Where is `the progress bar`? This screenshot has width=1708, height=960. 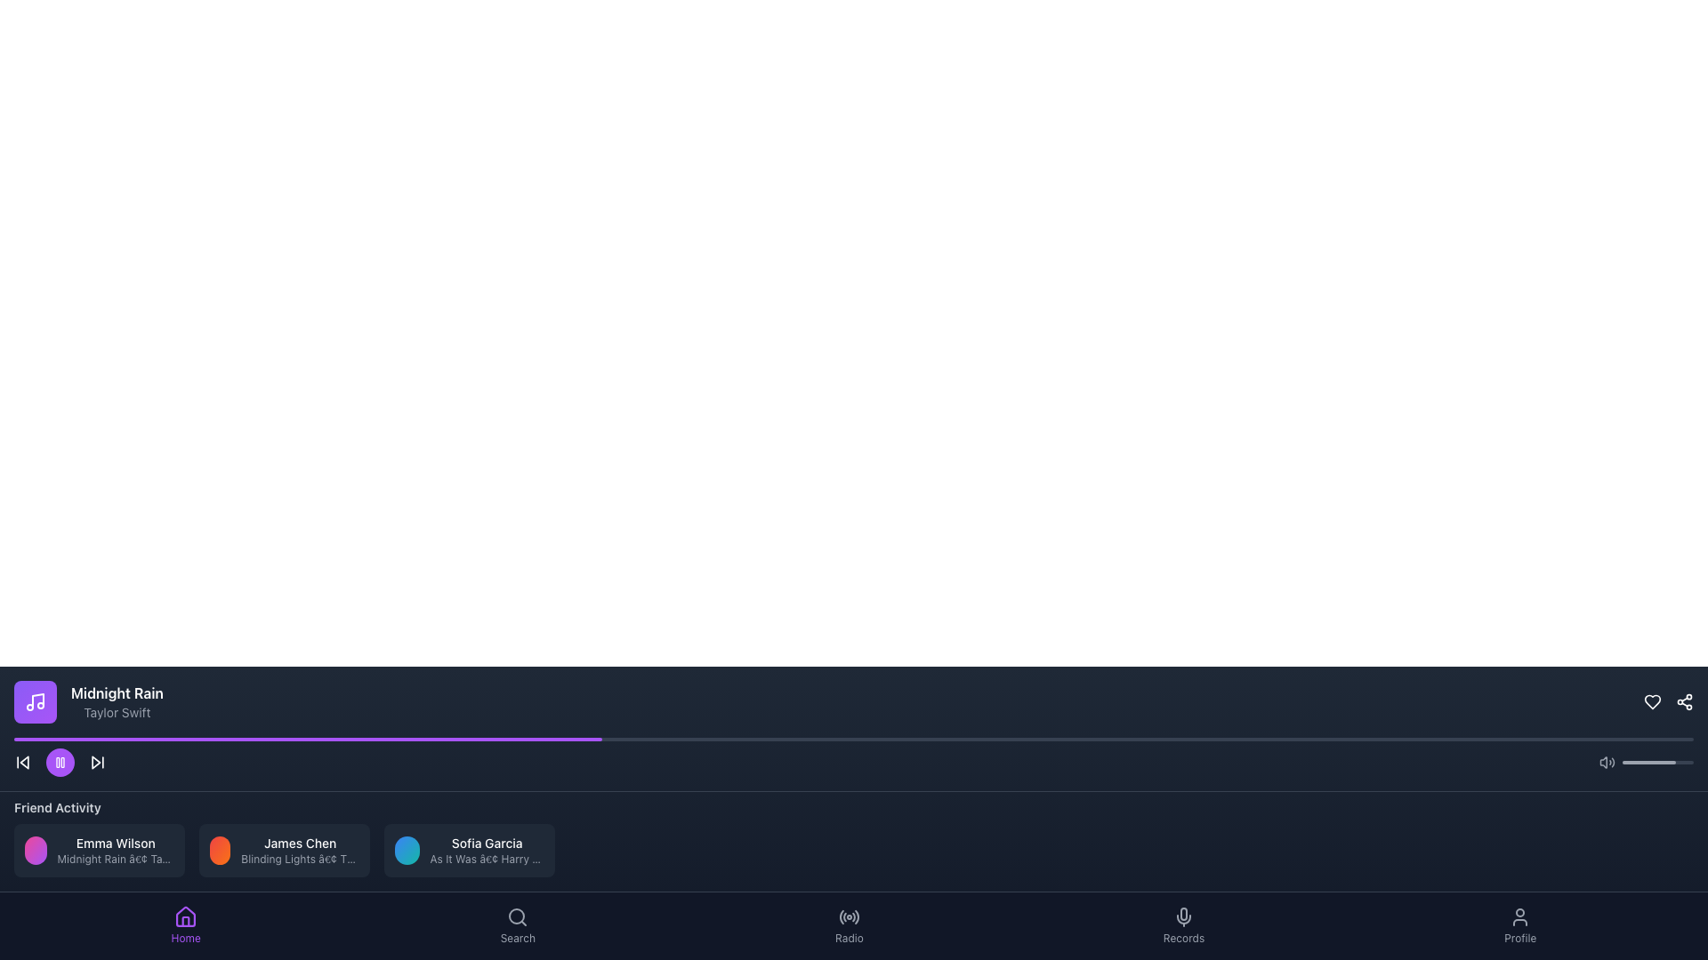 the progress bar is located at coordinates (118, 740).